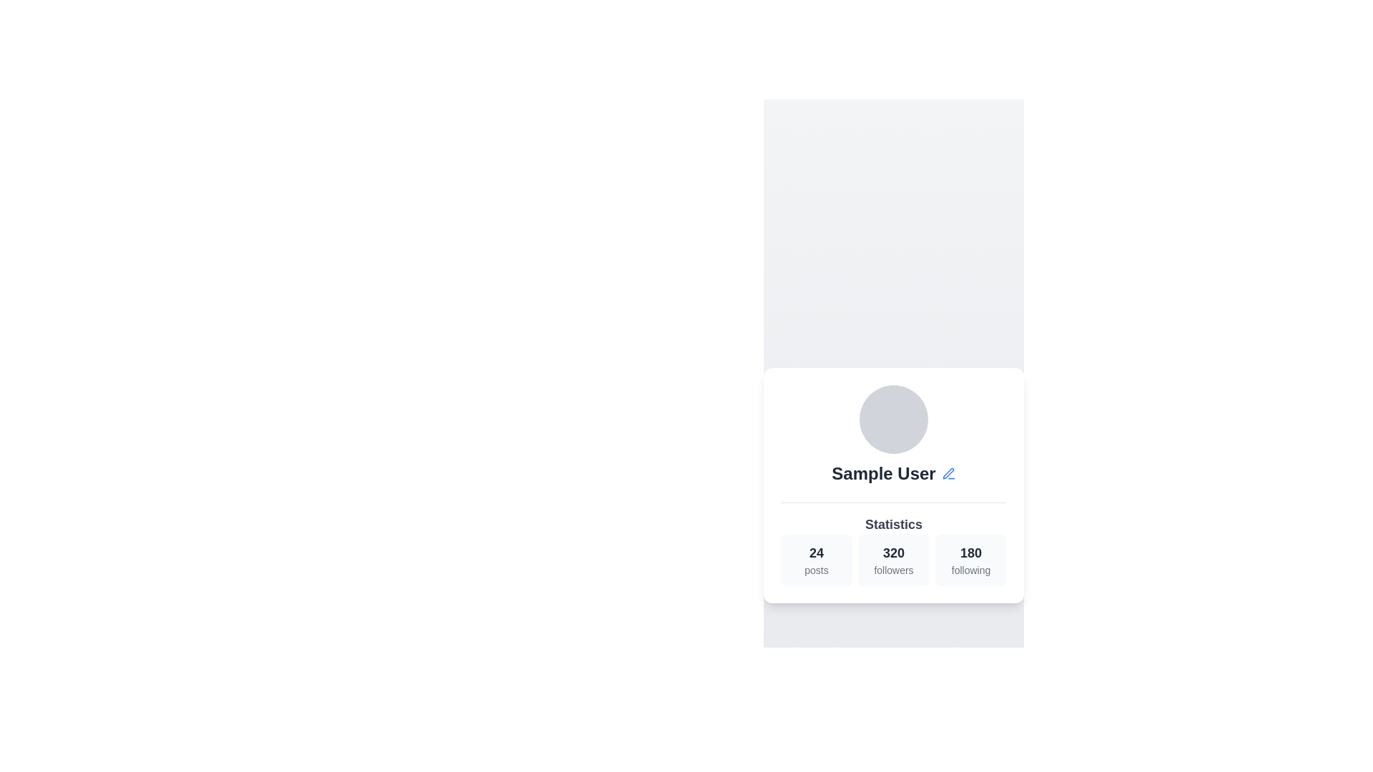 The image size is (1373, 772). Describe the element at coordinates (892, 559) in the screenshot. I see `the Information Display Card displaying '320' followers, which is located in the center of the three cards under the 'Statistics' heading` at that location.